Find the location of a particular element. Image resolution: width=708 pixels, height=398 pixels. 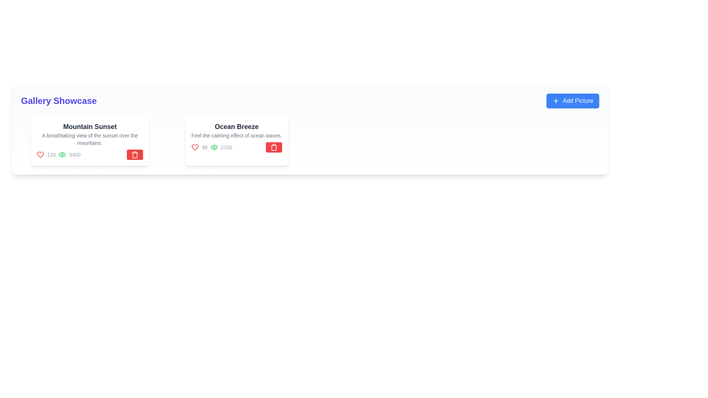

the green stroked eye outline icon located in the top-right area of the 'Ocean Breeze' section on the second card is located at coordinates (214, 147).